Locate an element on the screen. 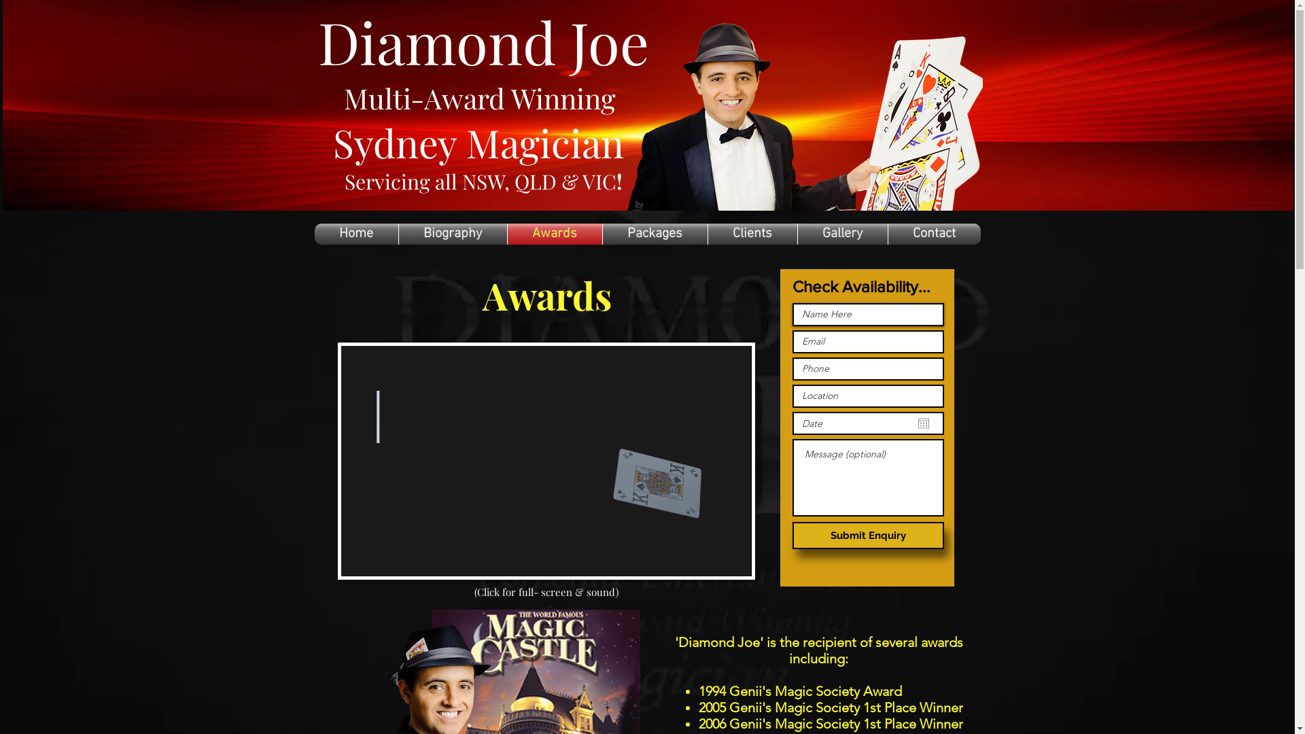 The width and height of the screenshot is (1305, 734). 'Gallery' is located at coordinates (841, 233).